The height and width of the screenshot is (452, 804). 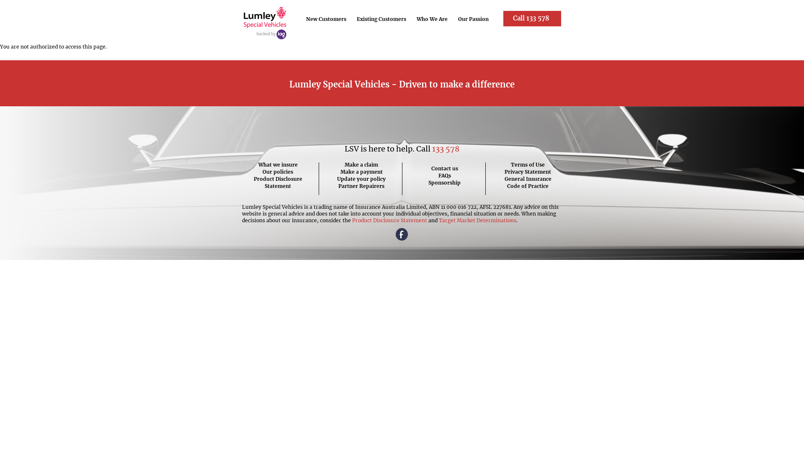 What do you see at coordinates (528, 164) in the screenshot?
I see `'Terms of Use'` at bounding box center [528, 164].